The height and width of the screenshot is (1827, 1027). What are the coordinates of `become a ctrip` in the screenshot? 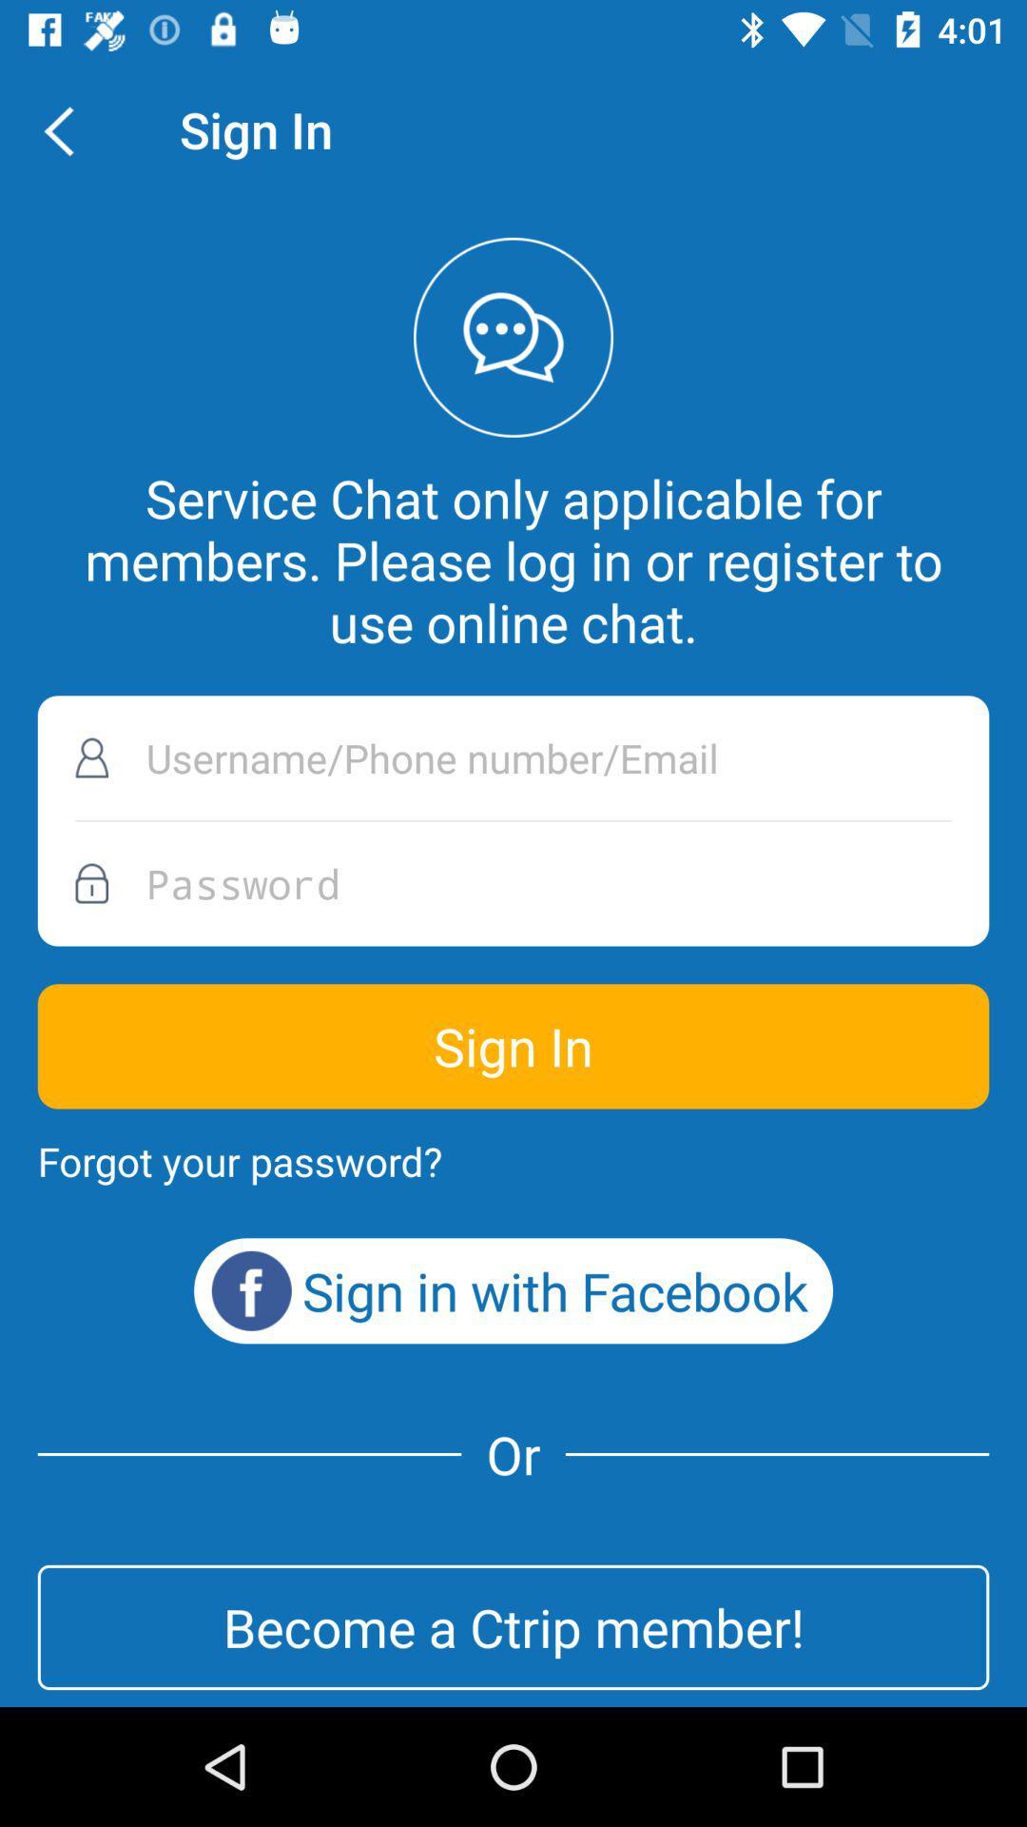 It's located at (513, 1626).